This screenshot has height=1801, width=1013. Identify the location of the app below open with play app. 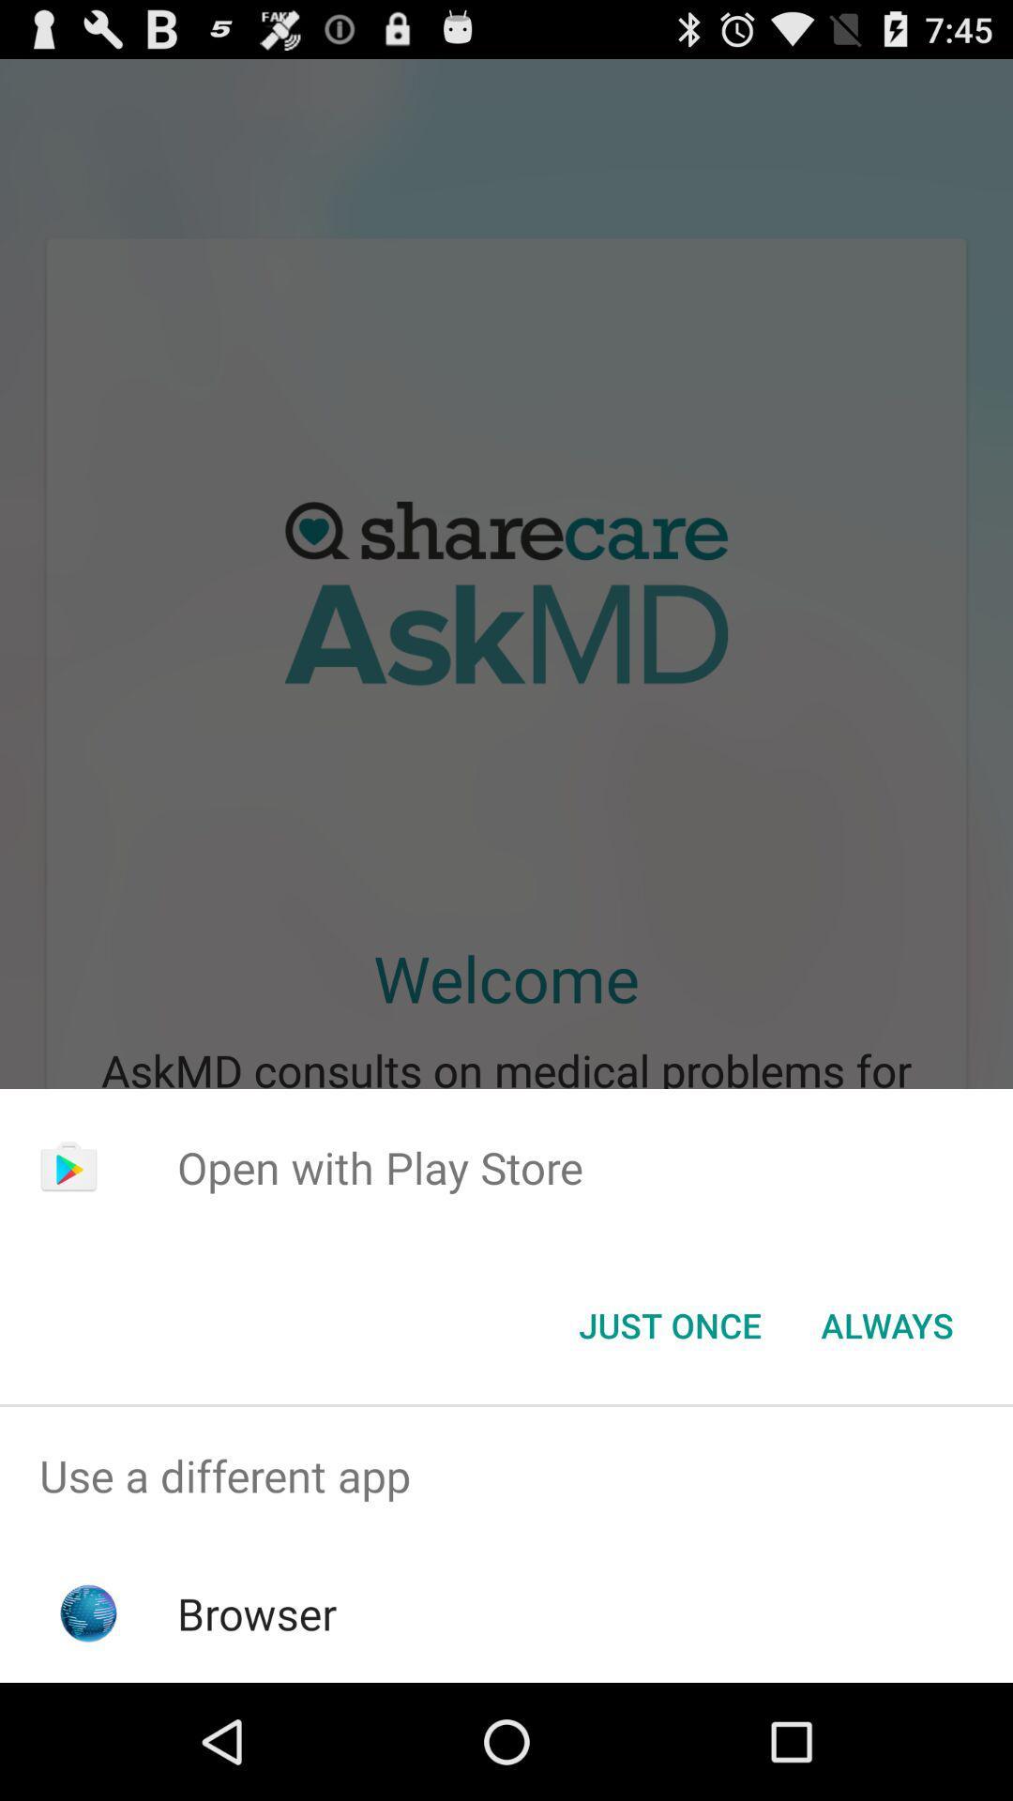
(886, 1324).